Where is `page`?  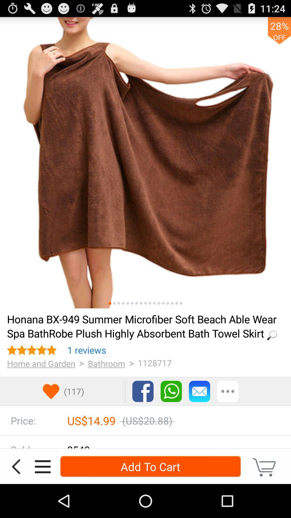
page is located at coordinates (154, 303).